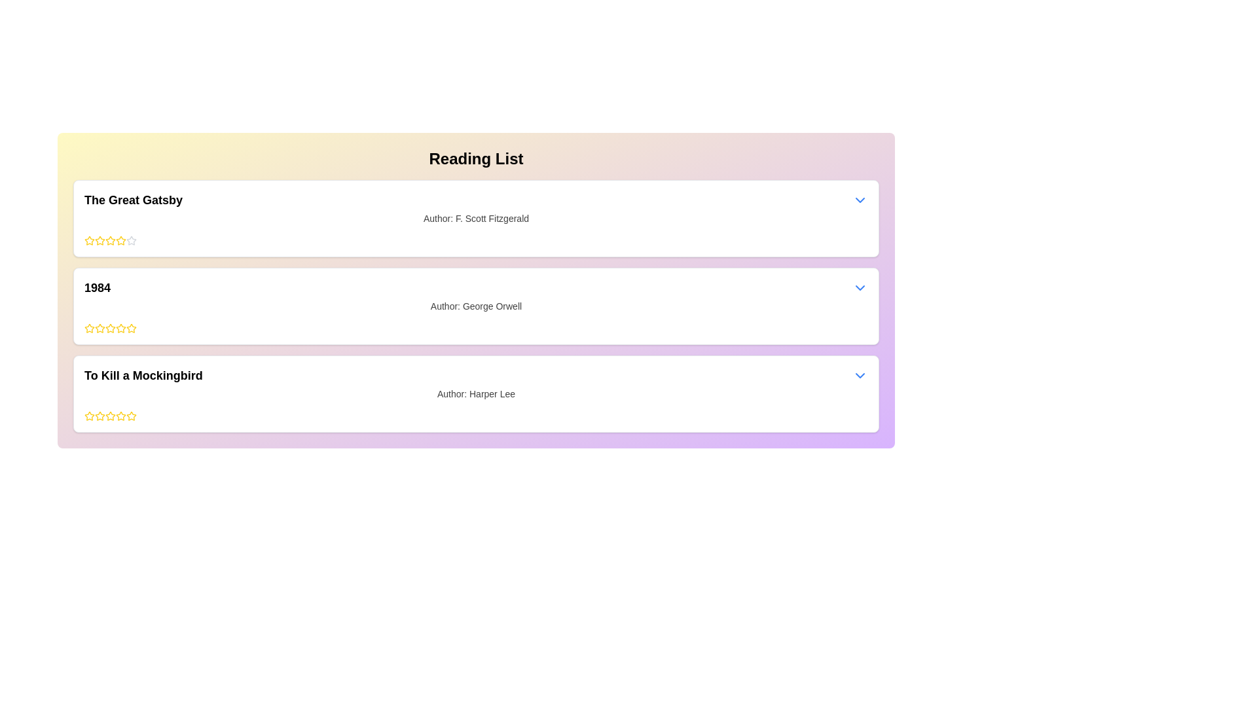 This screenshot has height=707, width=1257. What do you see at coordinates (100, 327) in the screenshot?
I see `the first star icon in the rating section of the '1984' book card to rate one star` at bounding box center [100, 327].